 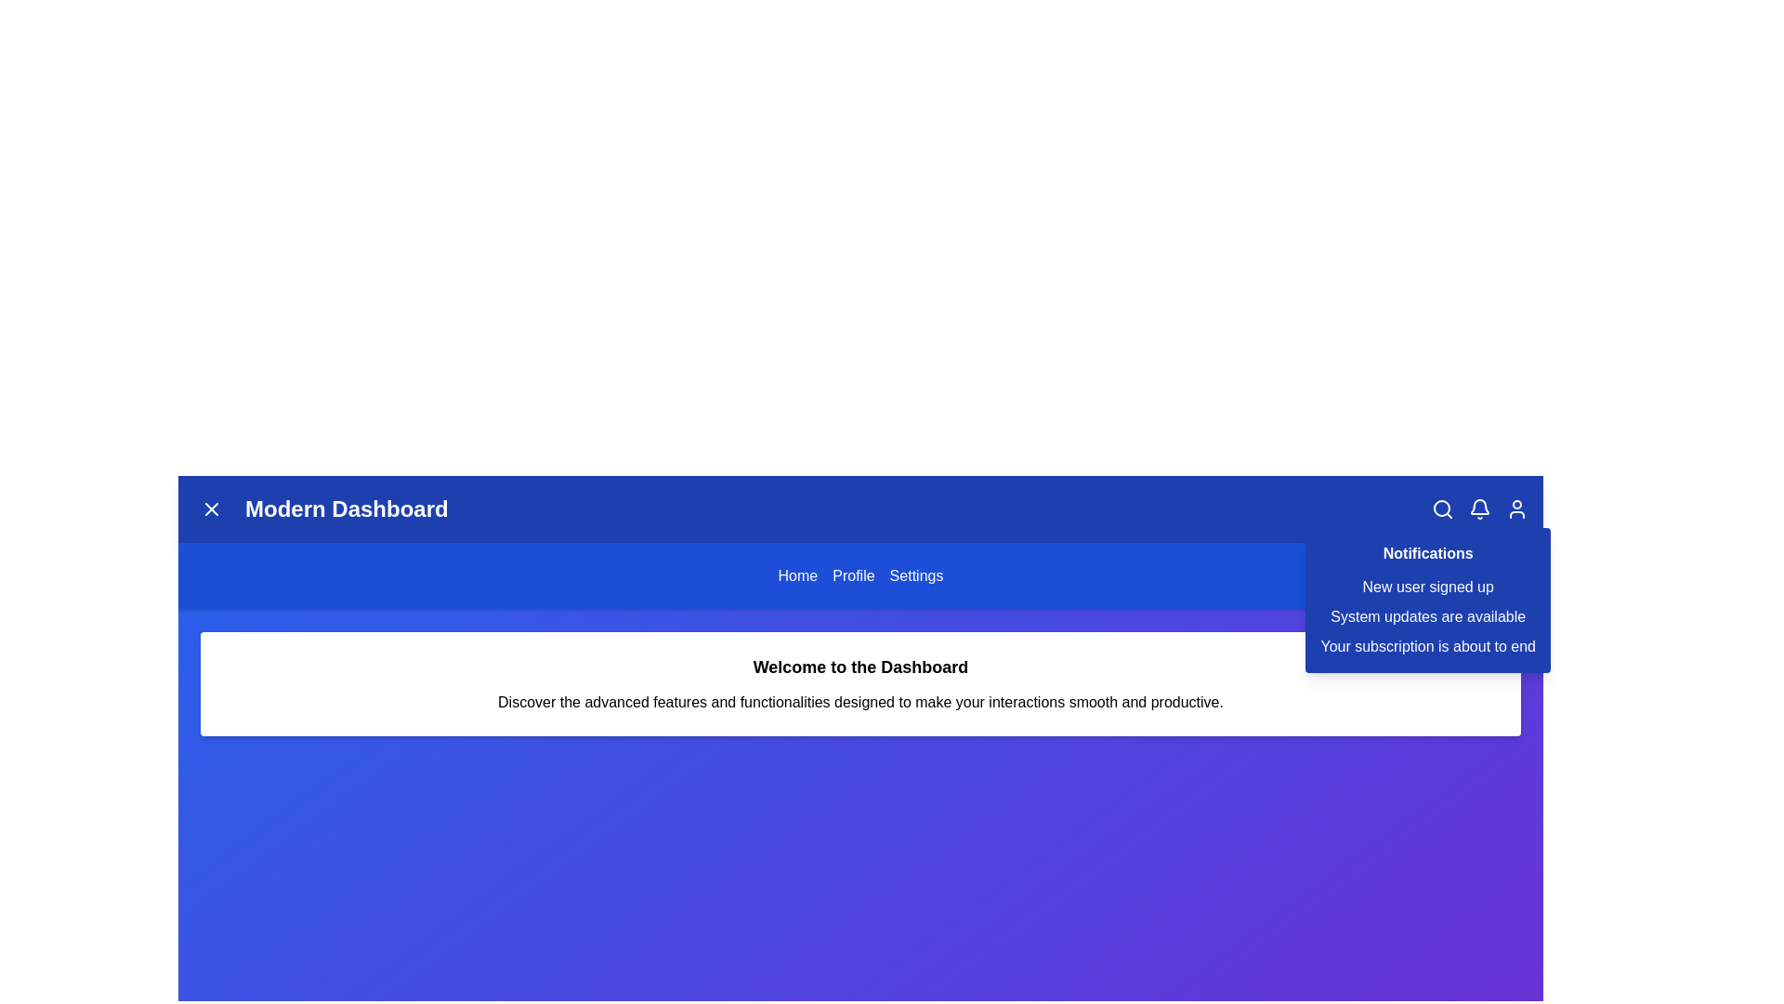 What do you see at coordinates (1516, 509) in the screenshot?
I see `the user icon in the top-right corner of the app bar` at bounding box center [1516, 509].